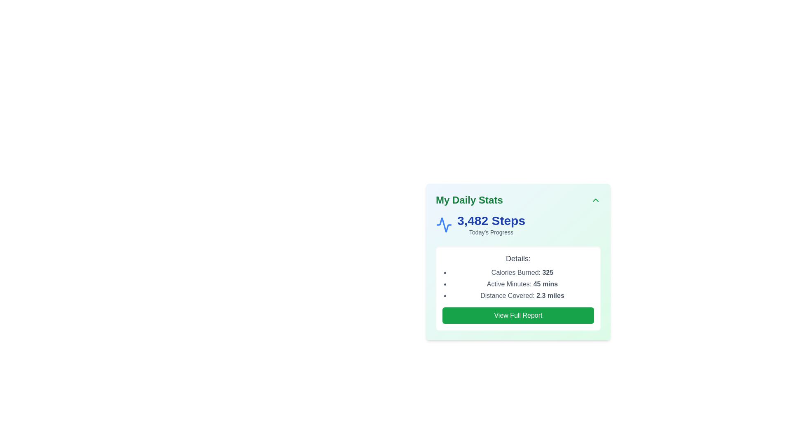 The height and width of the screenshot is (445, 791). Describe the element at coordinates (522, 273) in the screenshot. I see `text label displaying 'Calories Burned: 325' that is the first item in a bulleted list under the 'Details:' section in the 'My Daily Stats' panel` at that location.